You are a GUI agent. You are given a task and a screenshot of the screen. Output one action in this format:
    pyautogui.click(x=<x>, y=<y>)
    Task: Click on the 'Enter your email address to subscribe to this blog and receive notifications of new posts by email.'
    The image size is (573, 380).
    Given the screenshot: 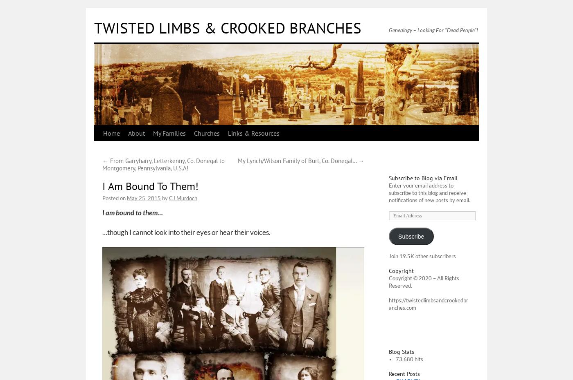 What is the action you would take?
    pyautogui.click(x=429, y=192)
    